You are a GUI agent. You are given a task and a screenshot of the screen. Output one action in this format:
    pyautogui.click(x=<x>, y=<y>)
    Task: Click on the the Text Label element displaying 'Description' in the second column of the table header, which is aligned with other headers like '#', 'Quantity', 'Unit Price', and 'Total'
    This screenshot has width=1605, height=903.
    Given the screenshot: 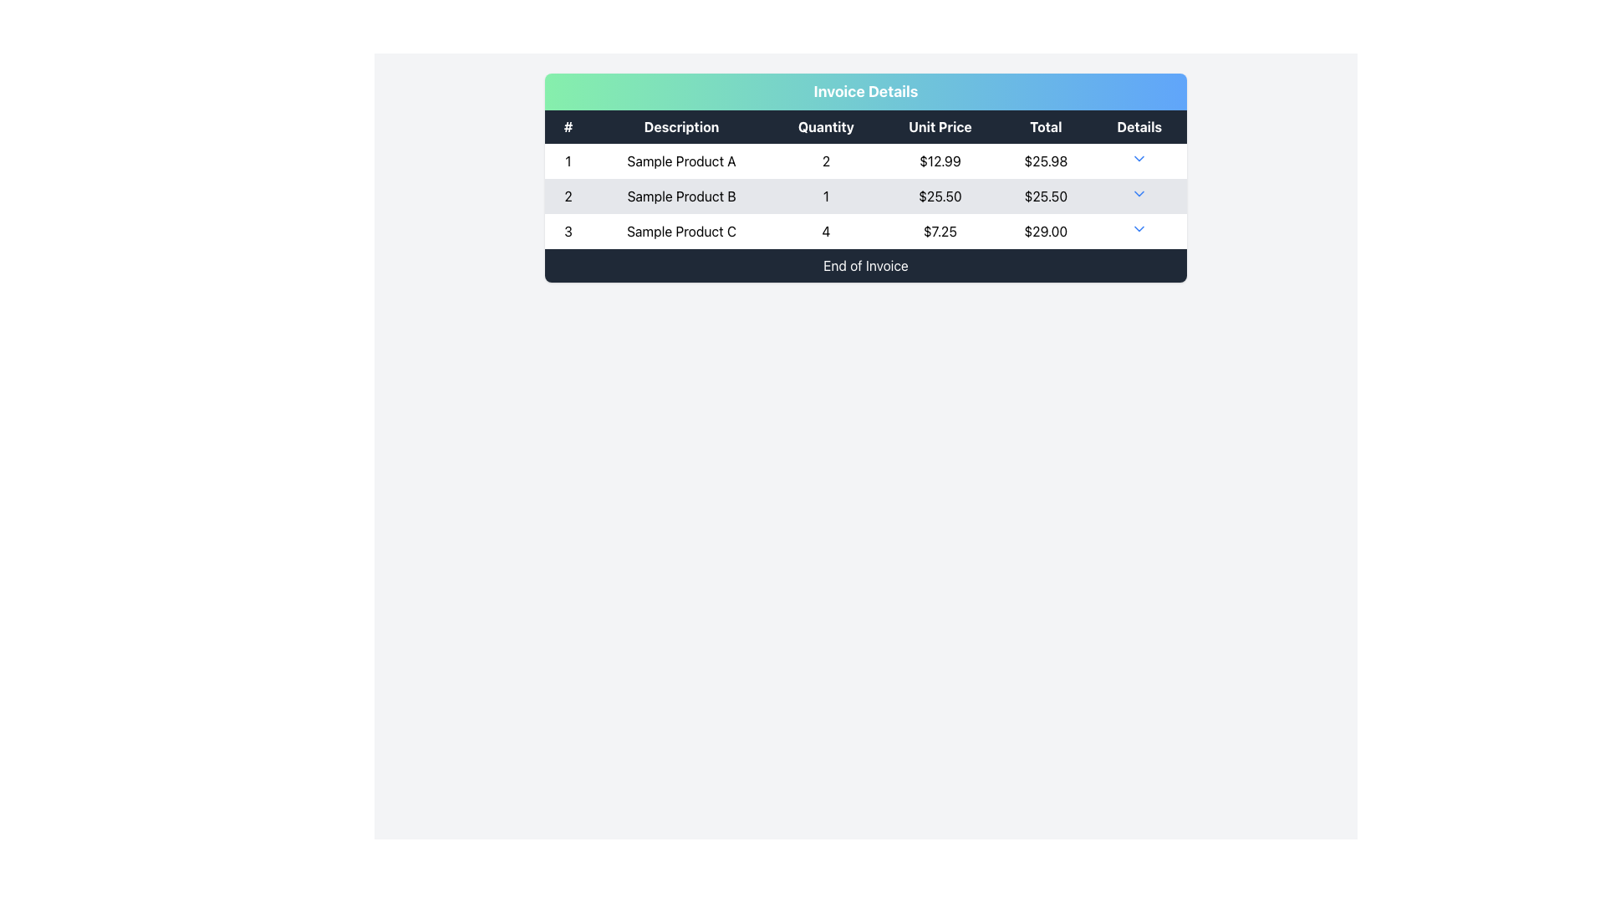 What is the action you would take?
    pyautogui.click(x=681, y=125)
    